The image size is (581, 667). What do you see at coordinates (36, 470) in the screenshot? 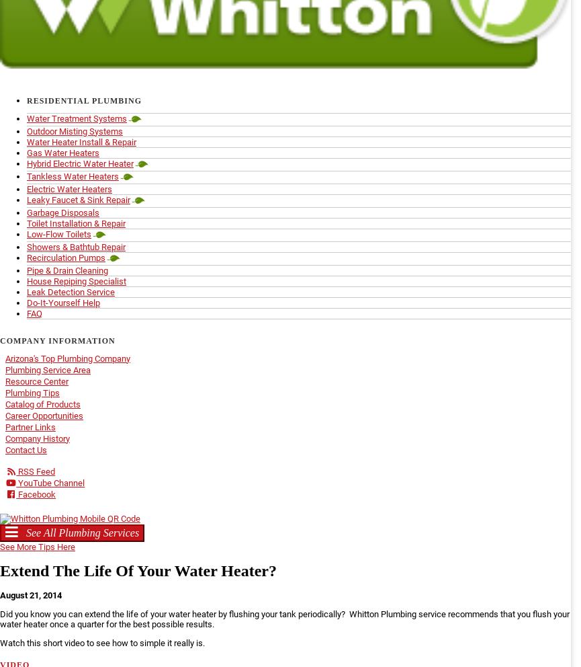
I see `'RSS Feed'` at bounding box center [36, 470].